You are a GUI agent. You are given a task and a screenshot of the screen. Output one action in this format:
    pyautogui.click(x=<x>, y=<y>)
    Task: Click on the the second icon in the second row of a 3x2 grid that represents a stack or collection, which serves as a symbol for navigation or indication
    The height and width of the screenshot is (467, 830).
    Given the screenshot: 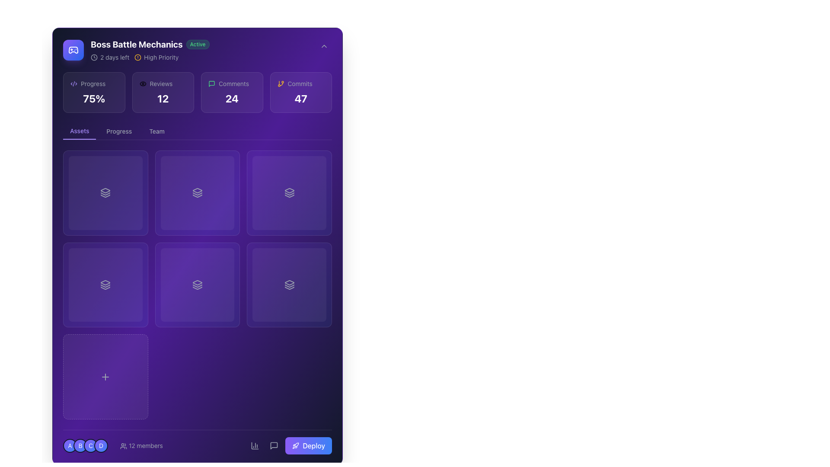 What is the action you would take?
    pyautogui.click(x=197, y=285)
    